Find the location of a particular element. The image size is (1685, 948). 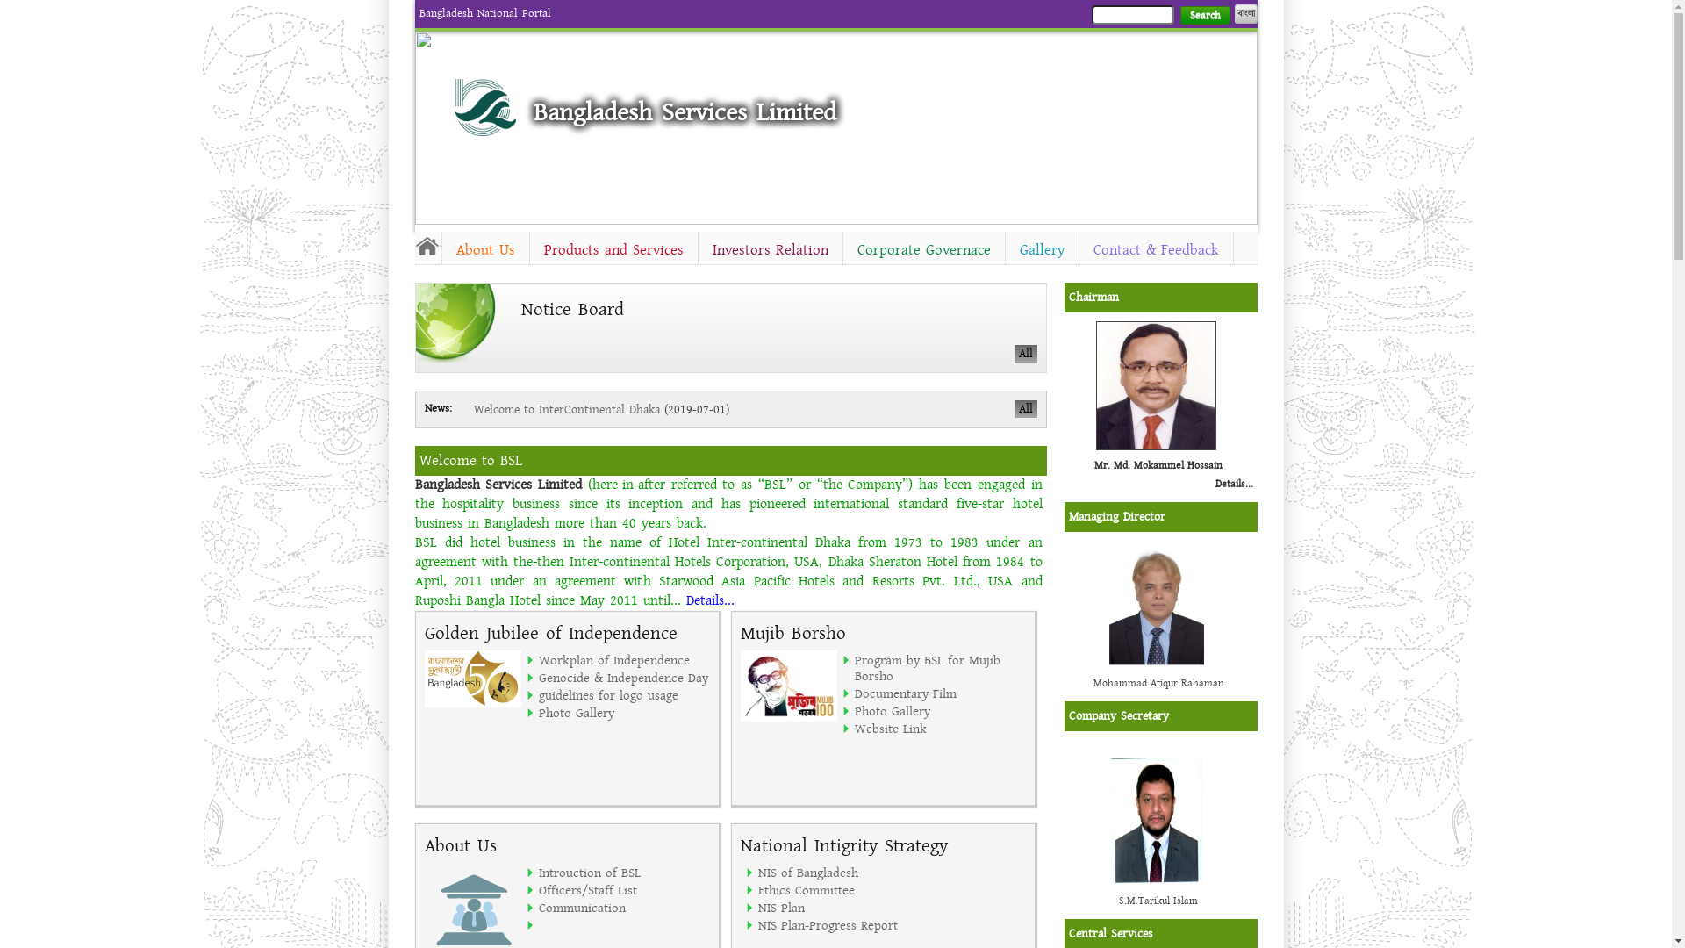

'Website Link' is located at coordinates (939, 728).